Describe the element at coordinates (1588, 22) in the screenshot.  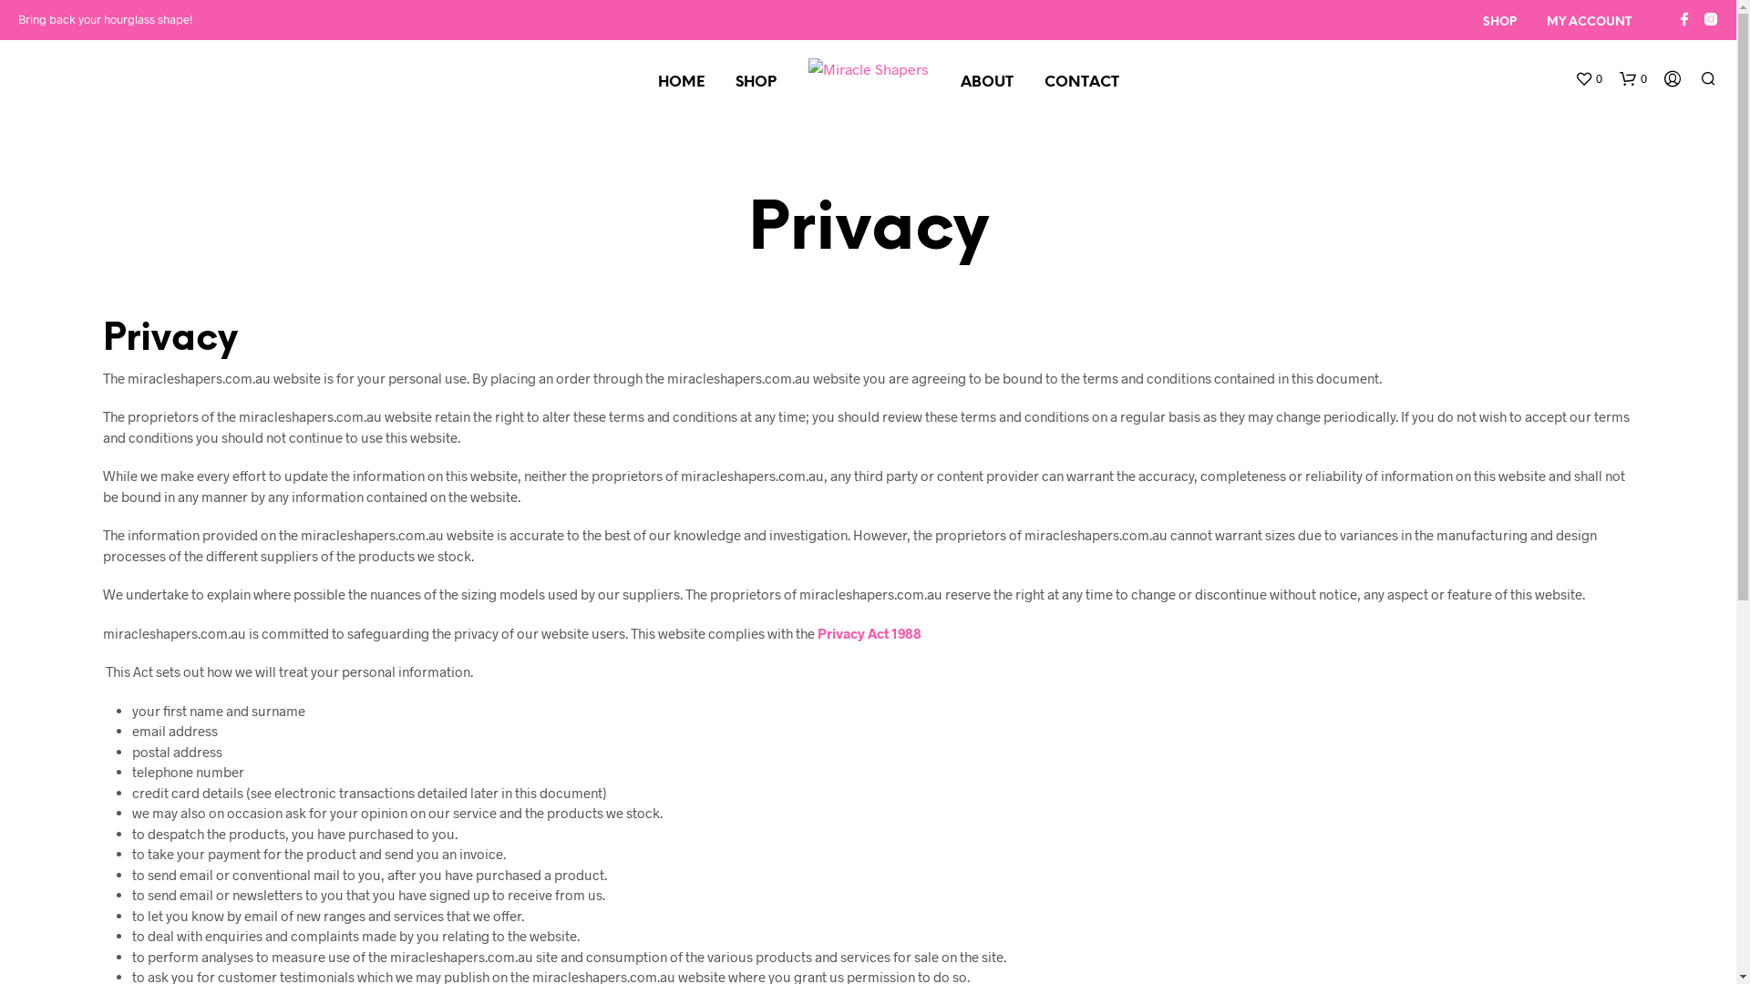
I see `'MY ACCOUNT'` at that location.